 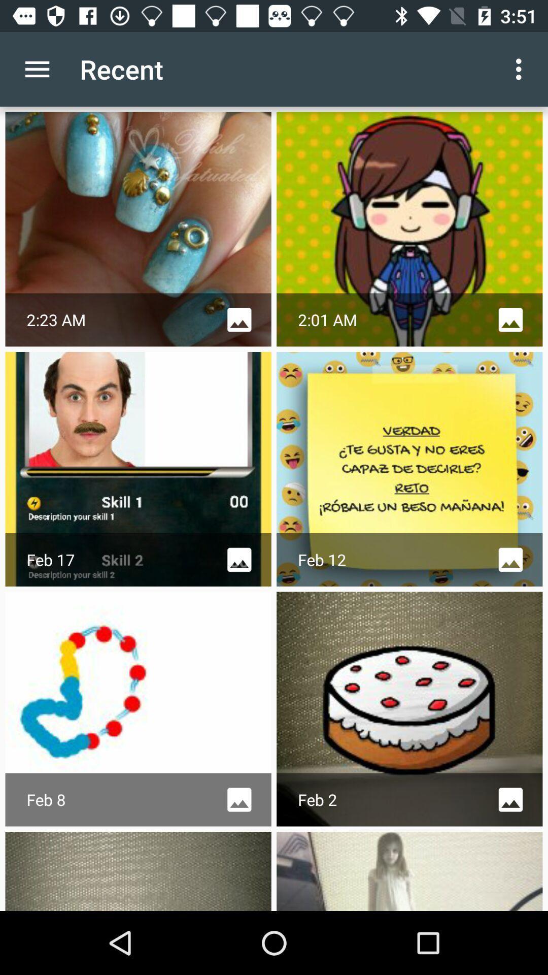 What do you see at coordinates (521, 69) in the screenshot?
I see `the icon to the right of the recent item` at bounding box center [521, 69].